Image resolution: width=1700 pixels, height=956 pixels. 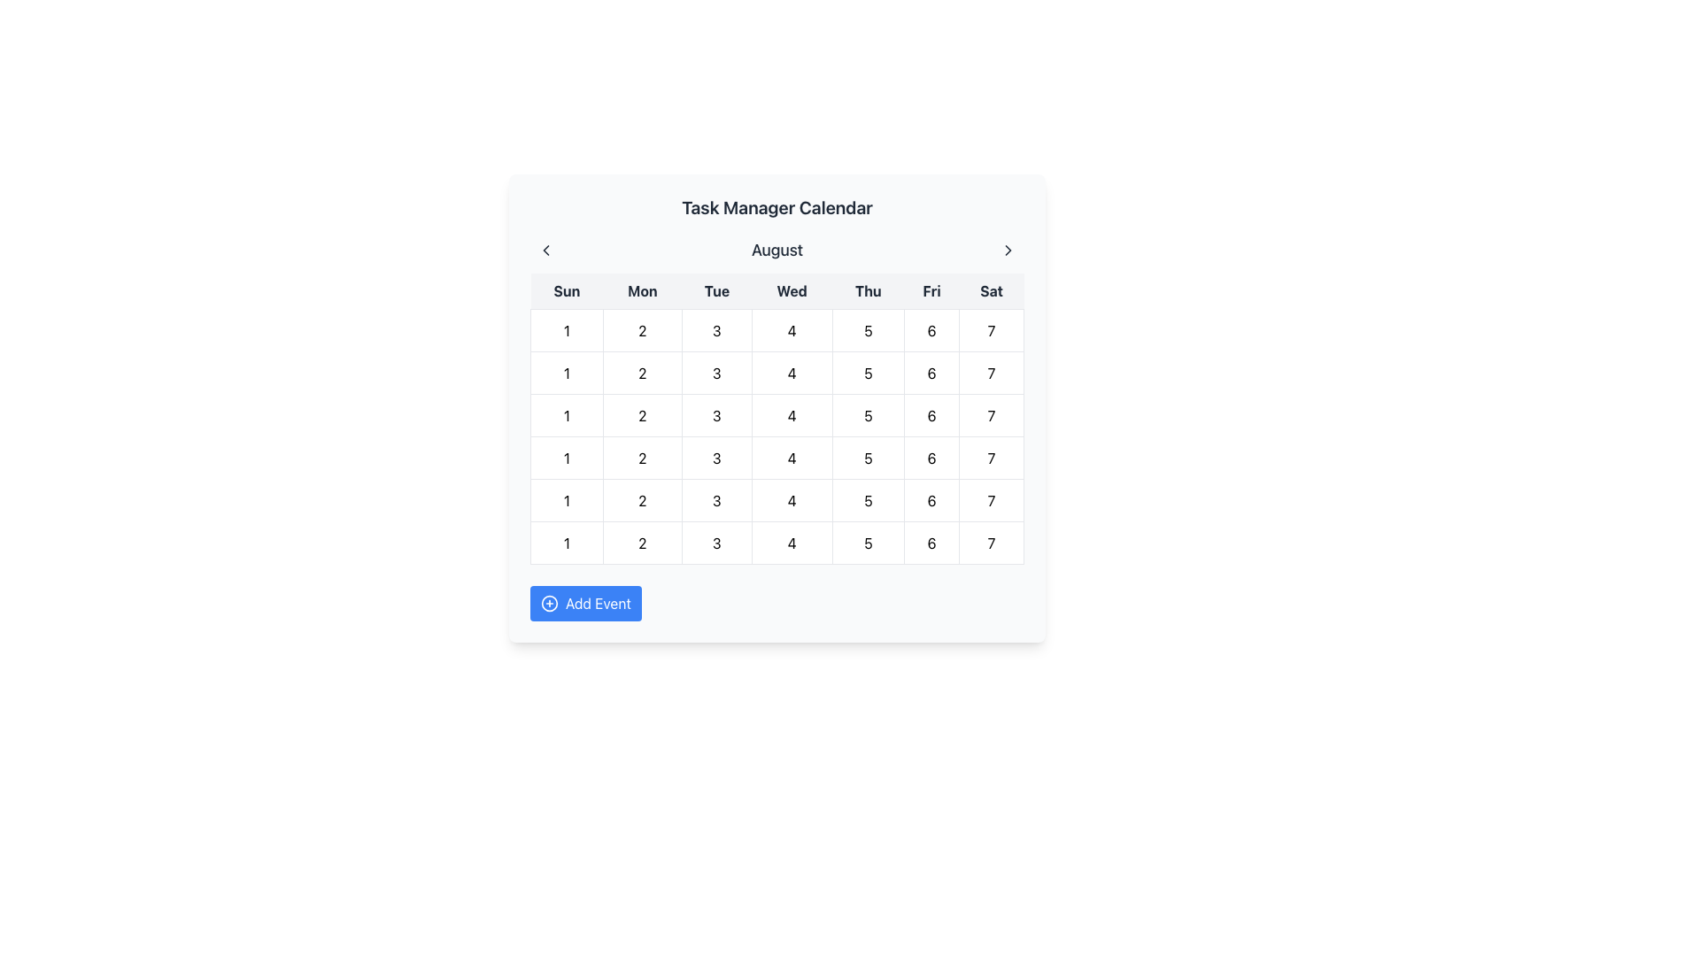 I want to click on the Text Display element showing the number '7' in the bottom-right cell of the calendar grid for Saturday, so click(x=992, y=457).